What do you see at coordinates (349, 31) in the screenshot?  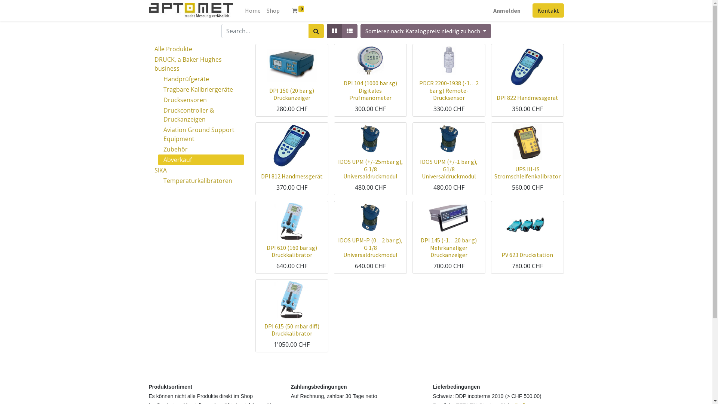 I see `'Liste'` at bounding box center [349, 31].